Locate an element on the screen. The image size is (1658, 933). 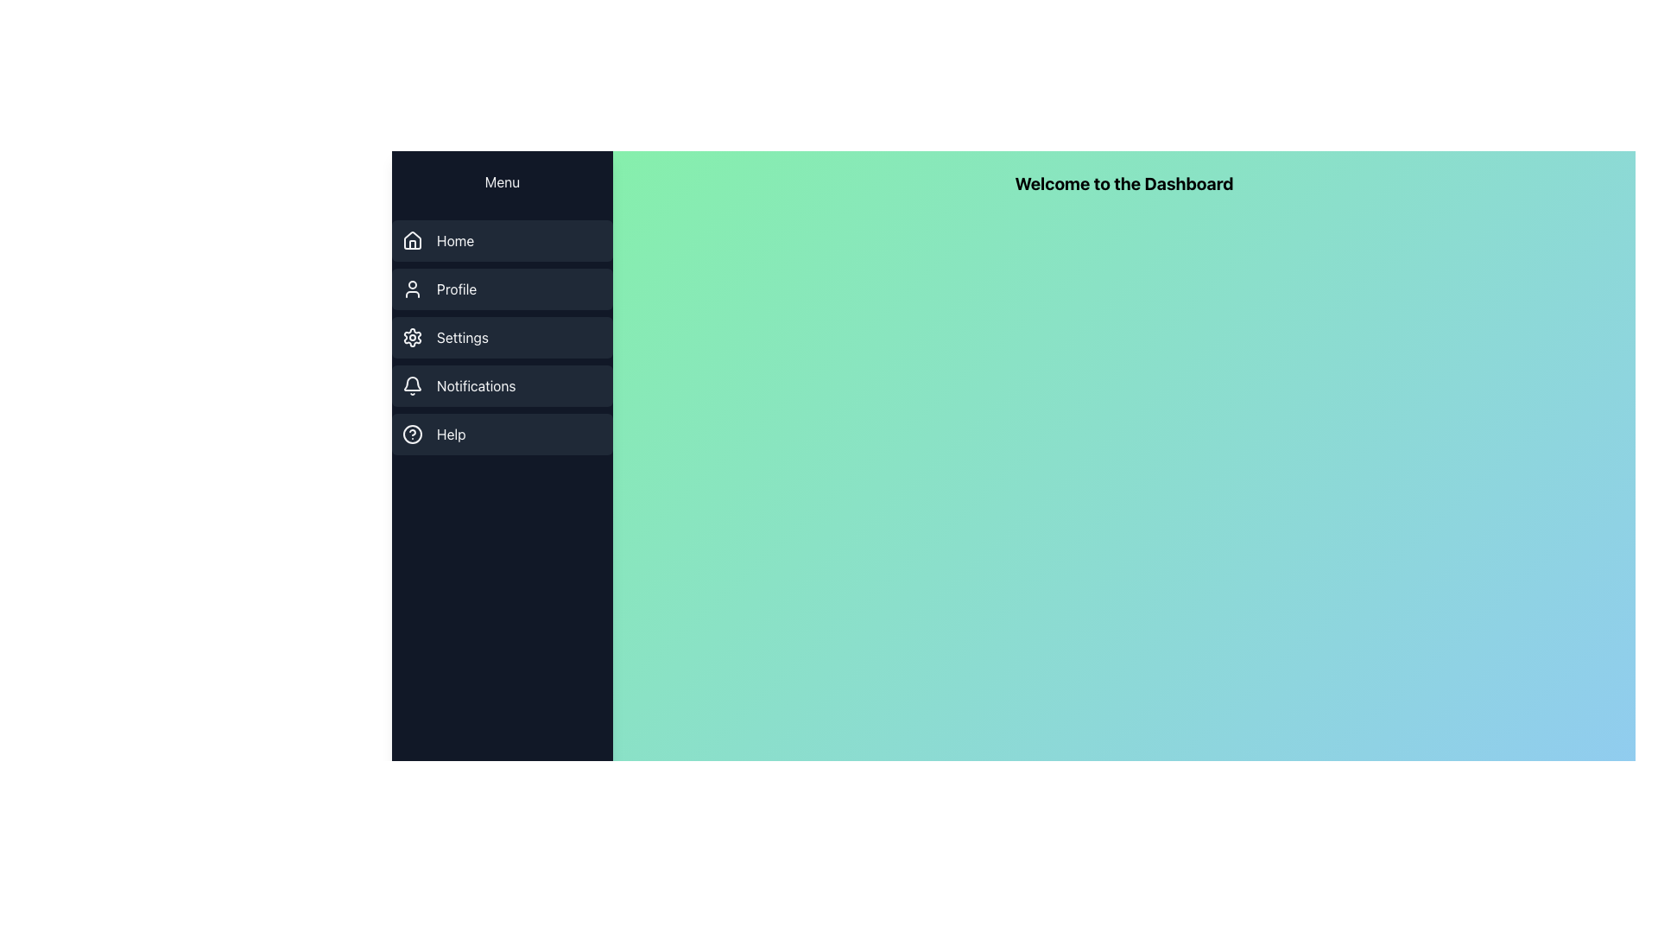
the settings button in the left sidebar, which is the third item in a vertical menu between 'Profile' and 'Notifications', to trigger a style change is located at coordinates (501, 337).